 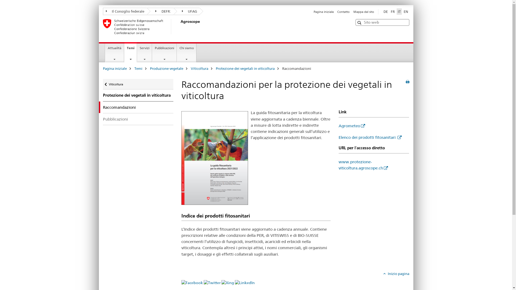 What do you see at coordinates (370, 137) in the screenshot?
I see `'Elenco dei prodotti fitosanitari'` at bounding box center [370, 137].